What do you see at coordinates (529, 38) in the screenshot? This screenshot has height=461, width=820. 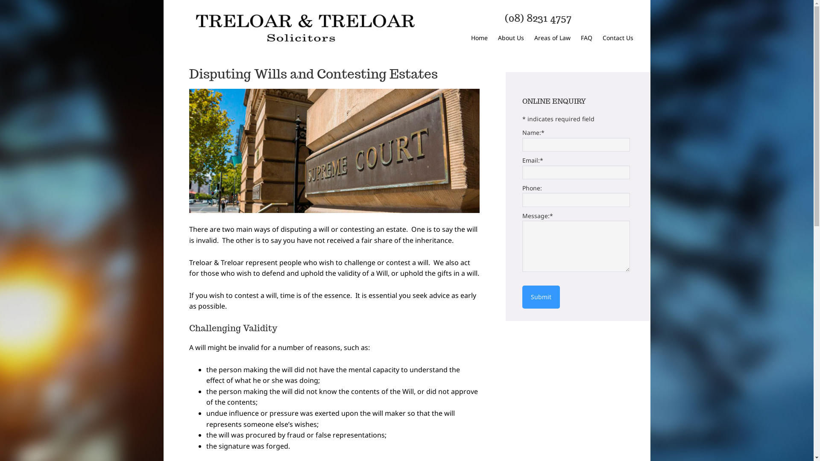 I see `'Areas of Law'` at bounding box center [529, 38].